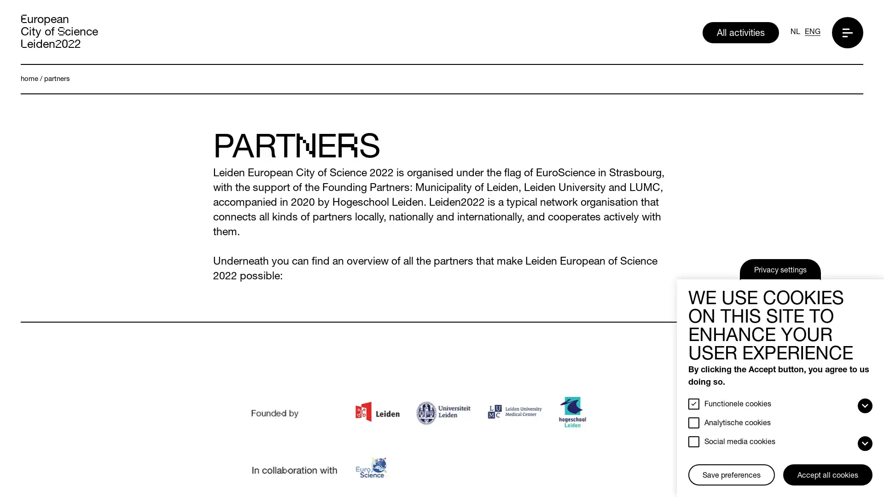 This screenshot has width=884, height=497. What do you see at coordinates (731, 475) in the screenshot?
I see `Save preferences` at bounding box center [731, 475].